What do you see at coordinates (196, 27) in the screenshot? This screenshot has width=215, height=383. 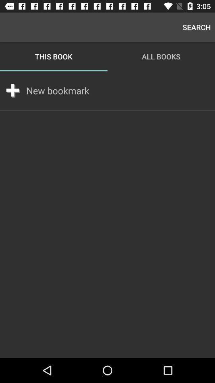 I see `search` at bounding box center [196, 27].